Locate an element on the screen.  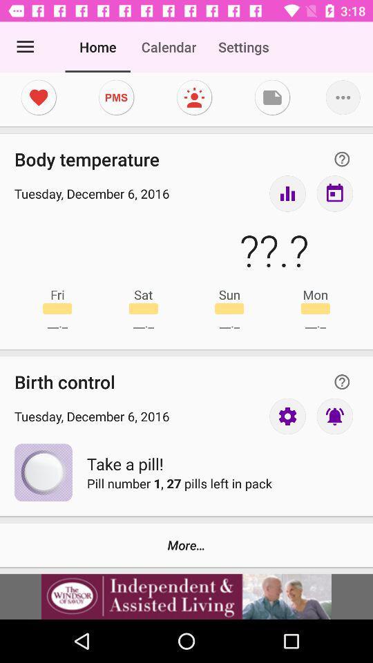
open more information button is located at coordinates (341, 382).